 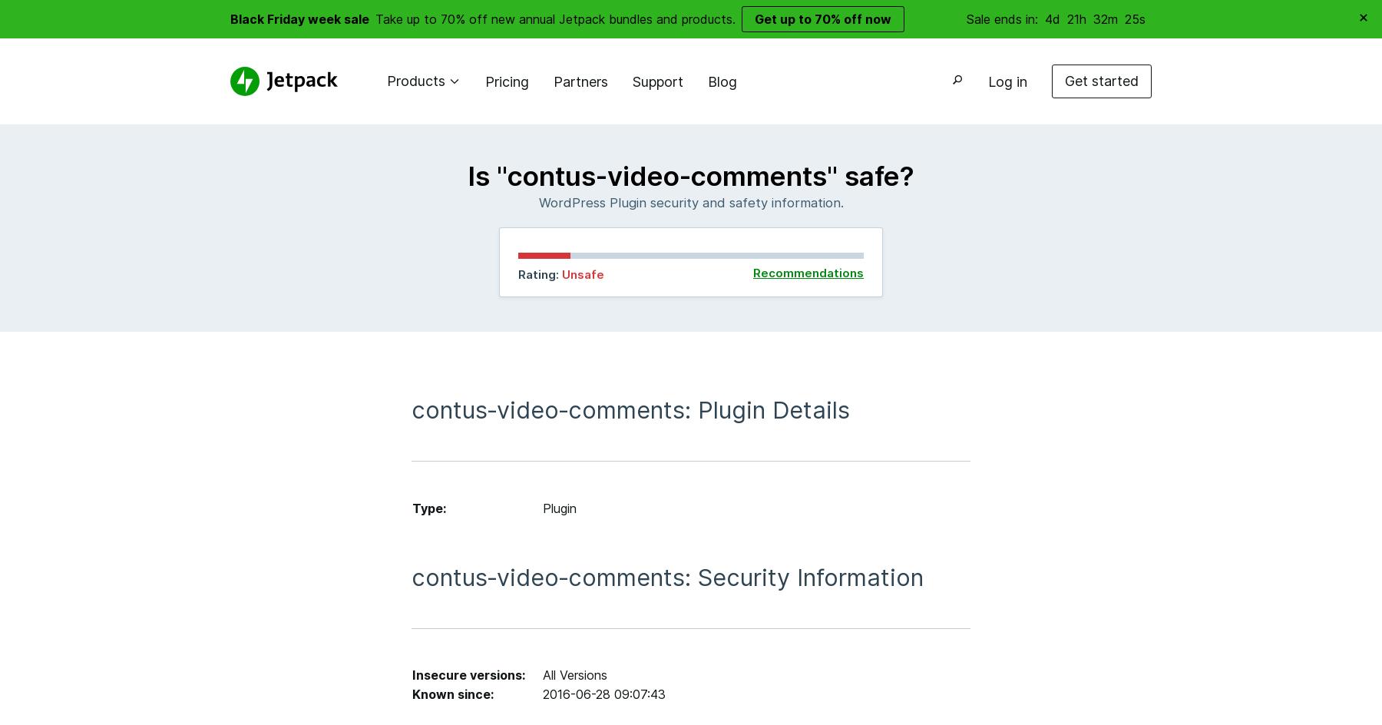 I want to click on 'Black Friday week sale', so click(x=299, y=18).